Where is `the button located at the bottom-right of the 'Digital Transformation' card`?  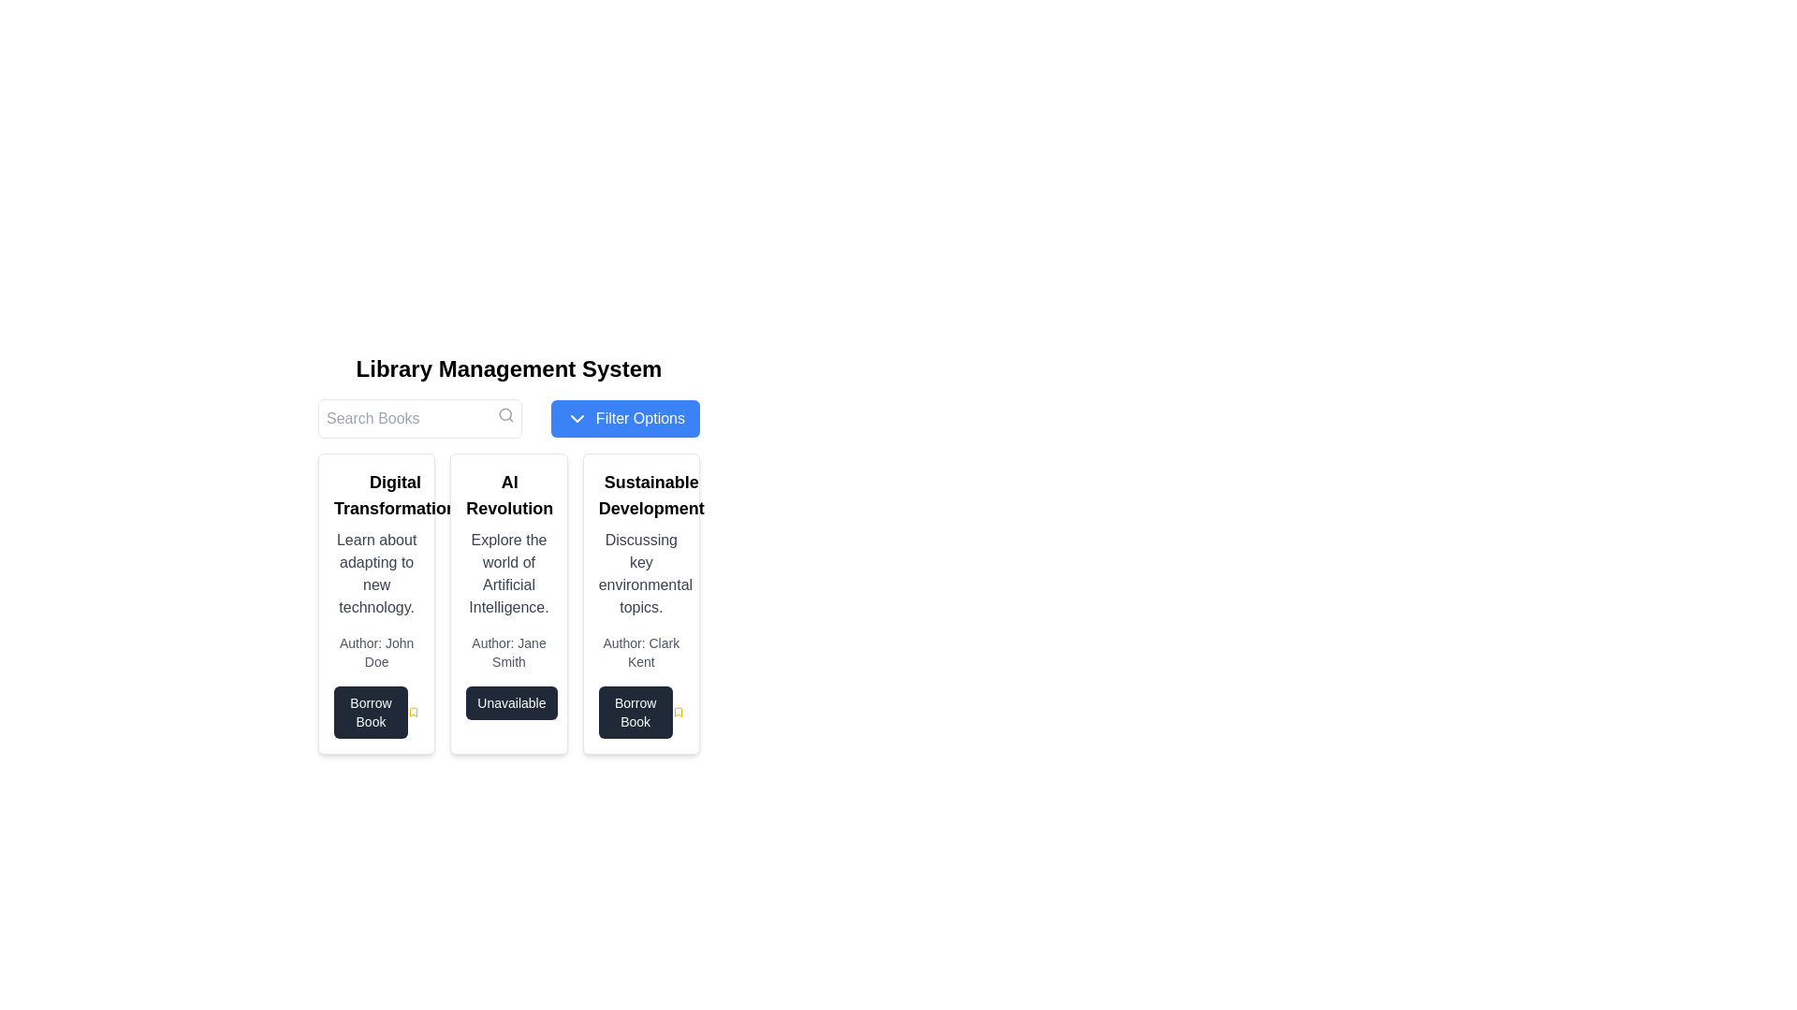
the button located at the bottom-right of the 'Digital Transformation' card is located at coordinates (375, 713).